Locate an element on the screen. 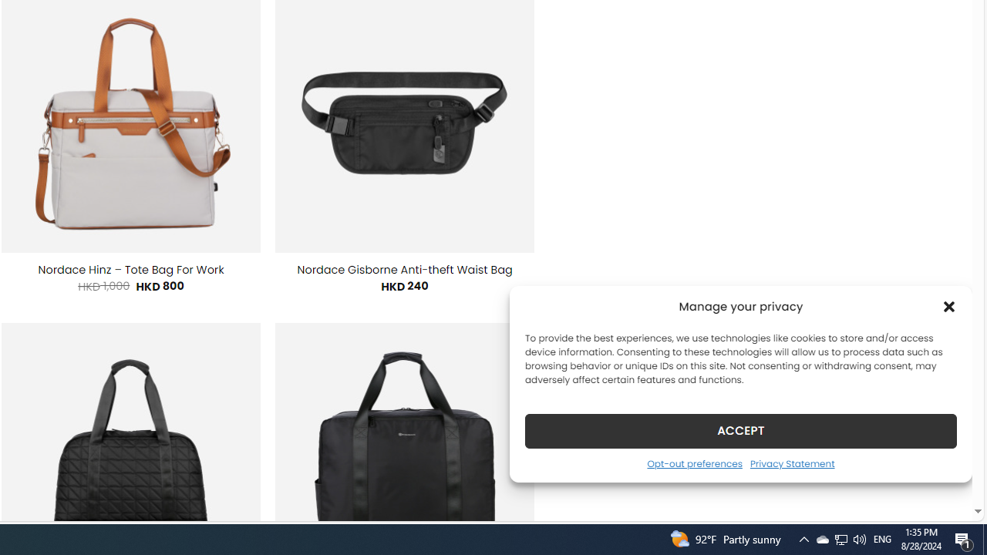  'Opt-out preferences' is located at coordinates (693, 462).